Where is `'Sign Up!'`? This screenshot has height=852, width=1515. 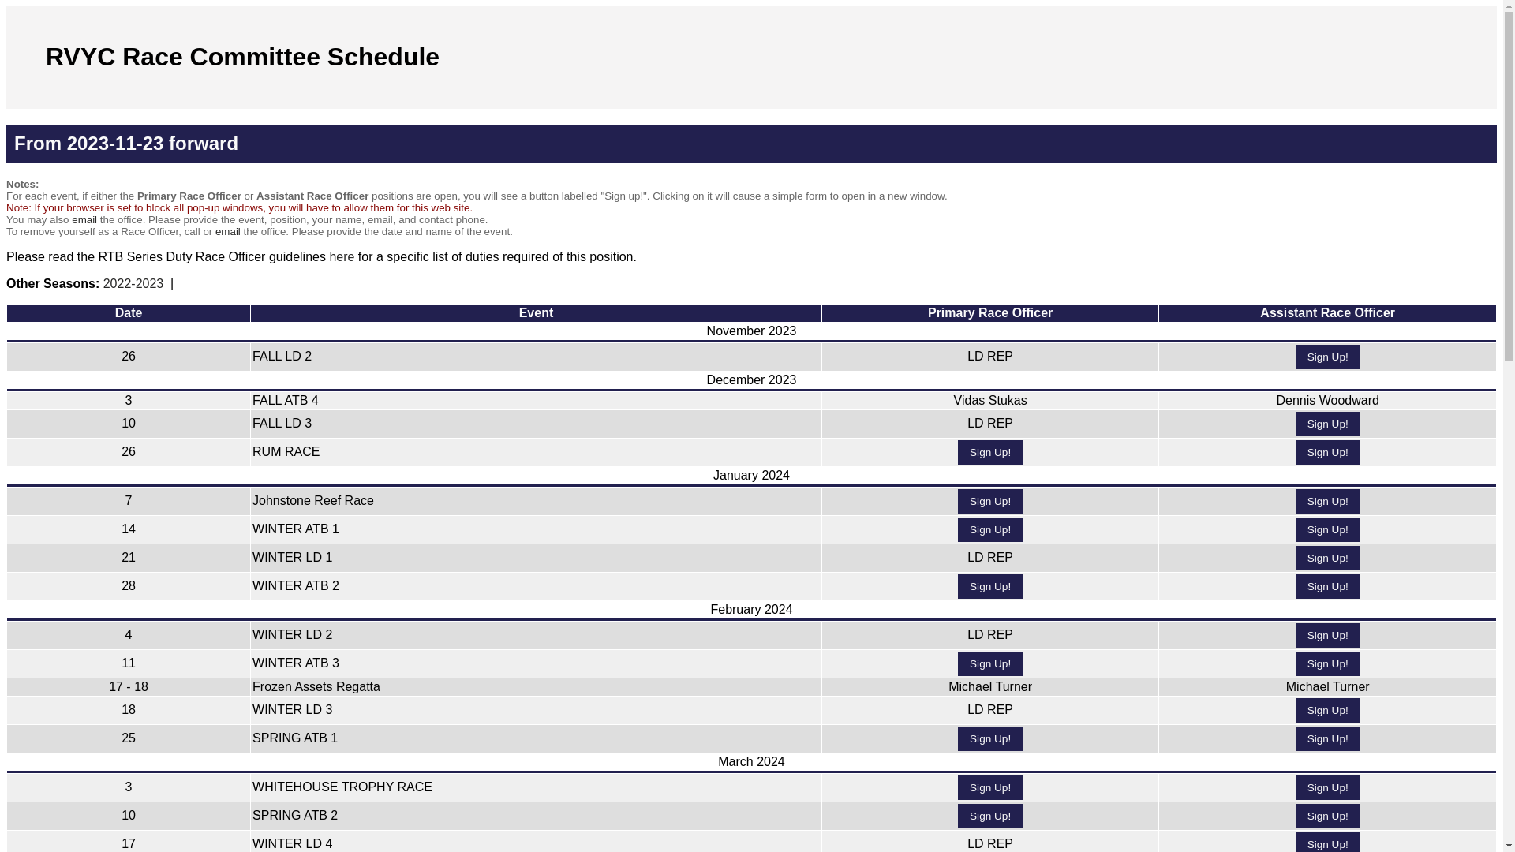
'Sign Up!' is located at coordinates (1327, 452).